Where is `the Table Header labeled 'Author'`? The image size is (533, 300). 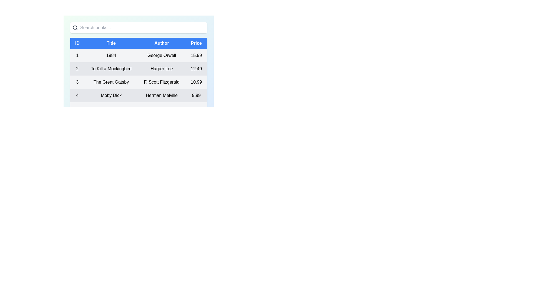
the Table Header labeled 'Author' is located at coordinates (161, 43).